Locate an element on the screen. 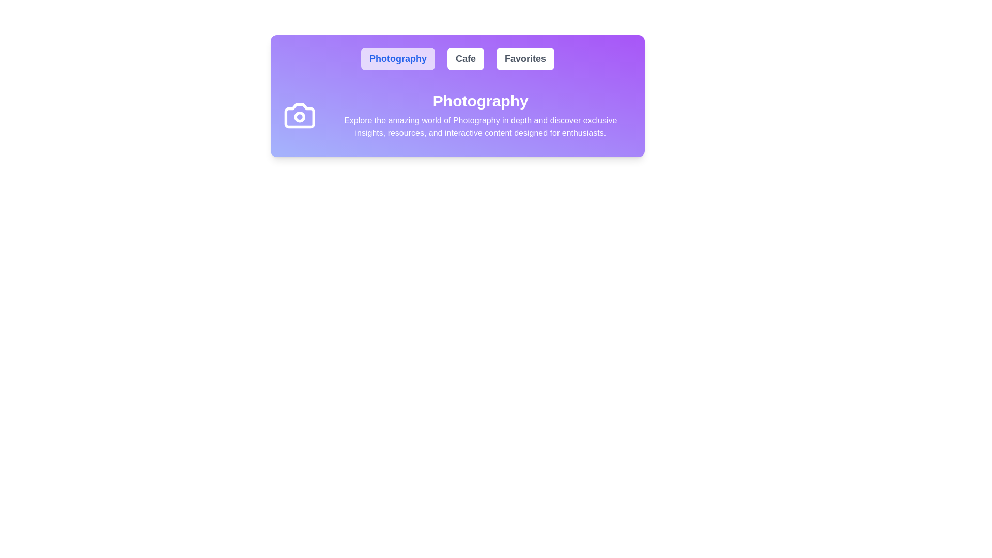  the 'Photography' button element is located at coordinates (397, 59).